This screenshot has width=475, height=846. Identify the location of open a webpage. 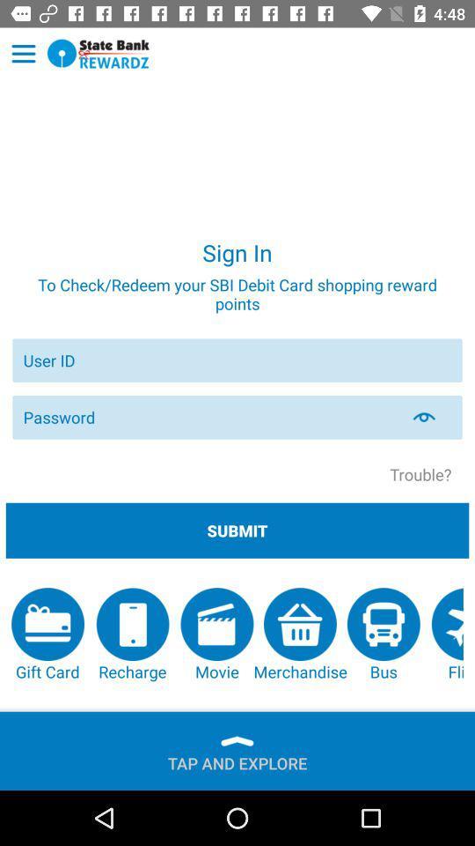
(99, 54).